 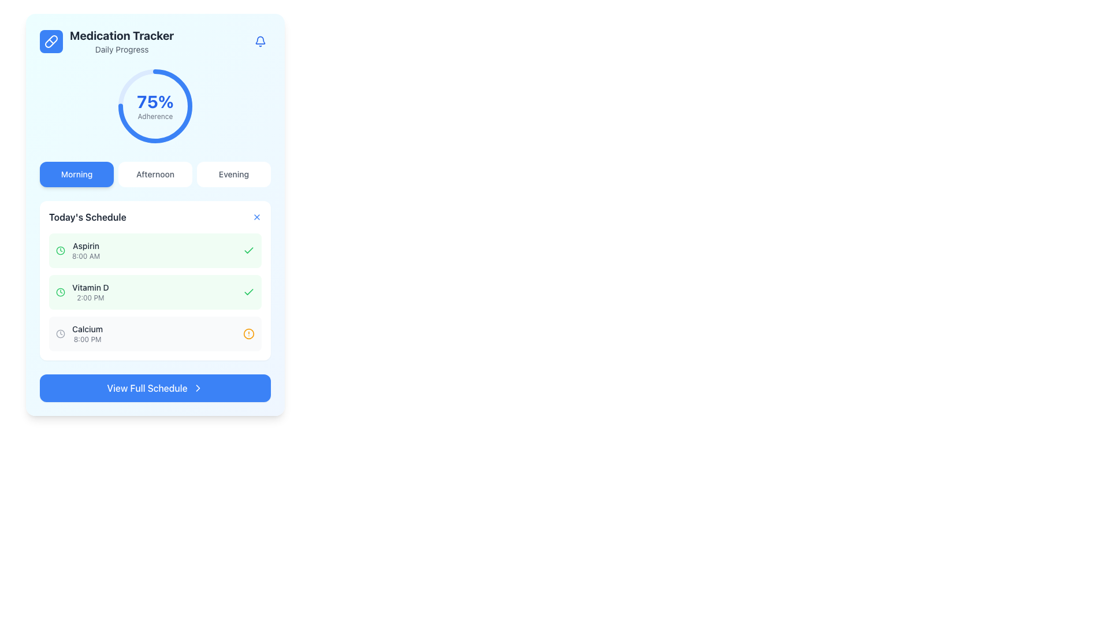 What do you see at coordinates (51, 41) in the screenshot?
I see `the pill icon within the blue rounded rectangular background, which is located at the top-left corner of the interface, near the title 'Medication Tracker'` at bounding box center [51, 41].